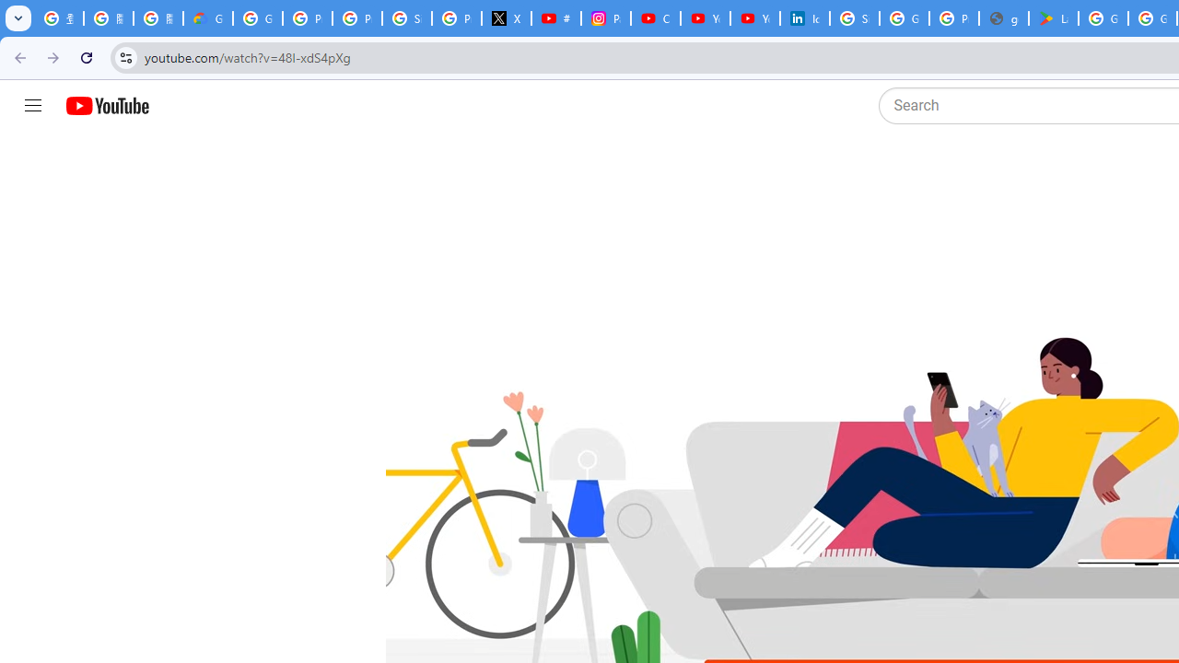 The image size is (1179, 663). What do you see at coordinates (1054, 18) in the screenshot?
I see `'Last Shelter: Survival - Apps on Google Play'` at bounding box center [1054, 18].